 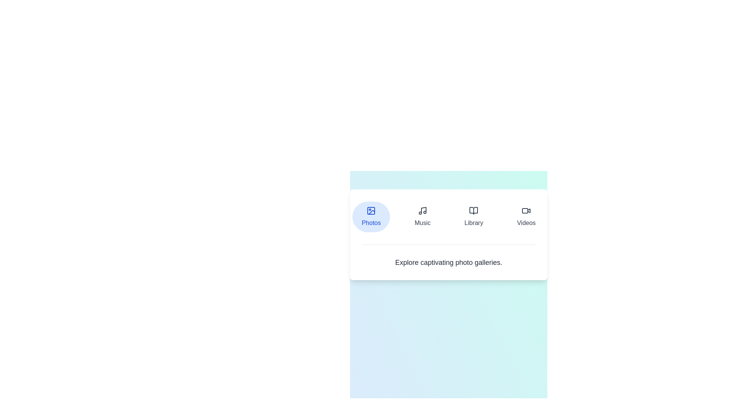 What do you see at coordinates (371, 217) in the screenshot?
I see `the first button in the navigation bar that leads to the photos or images section` at bounding box center [371, 217].